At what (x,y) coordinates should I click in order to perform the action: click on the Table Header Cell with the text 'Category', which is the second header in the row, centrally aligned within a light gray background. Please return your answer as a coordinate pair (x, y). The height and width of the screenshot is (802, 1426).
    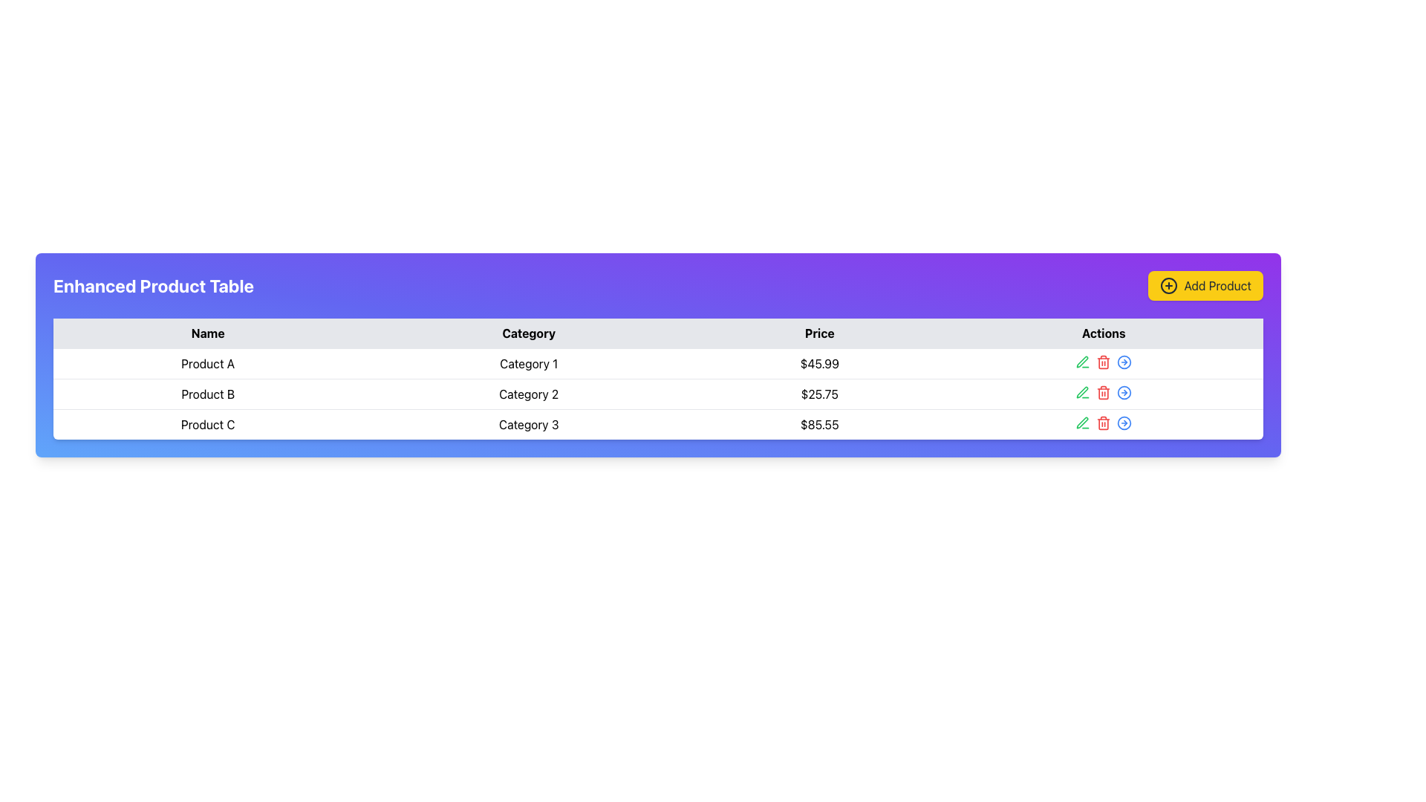
    Looking at the image, I should click on (529, 333).